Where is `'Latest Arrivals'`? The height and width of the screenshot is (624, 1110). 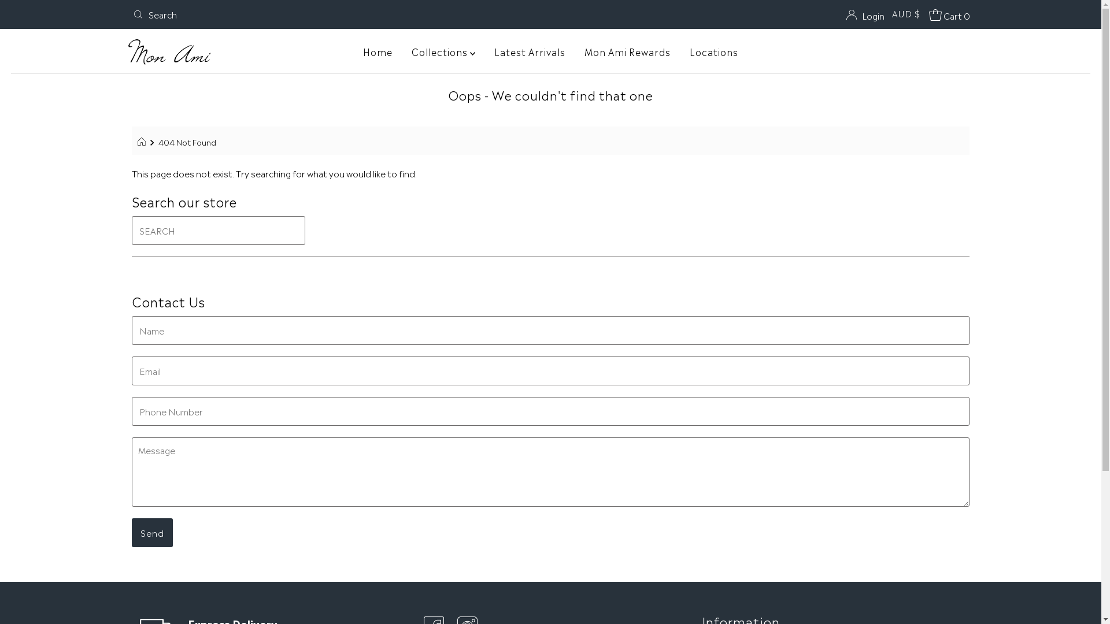 'Latest Arrivals' is located at coordinates (486, 50).